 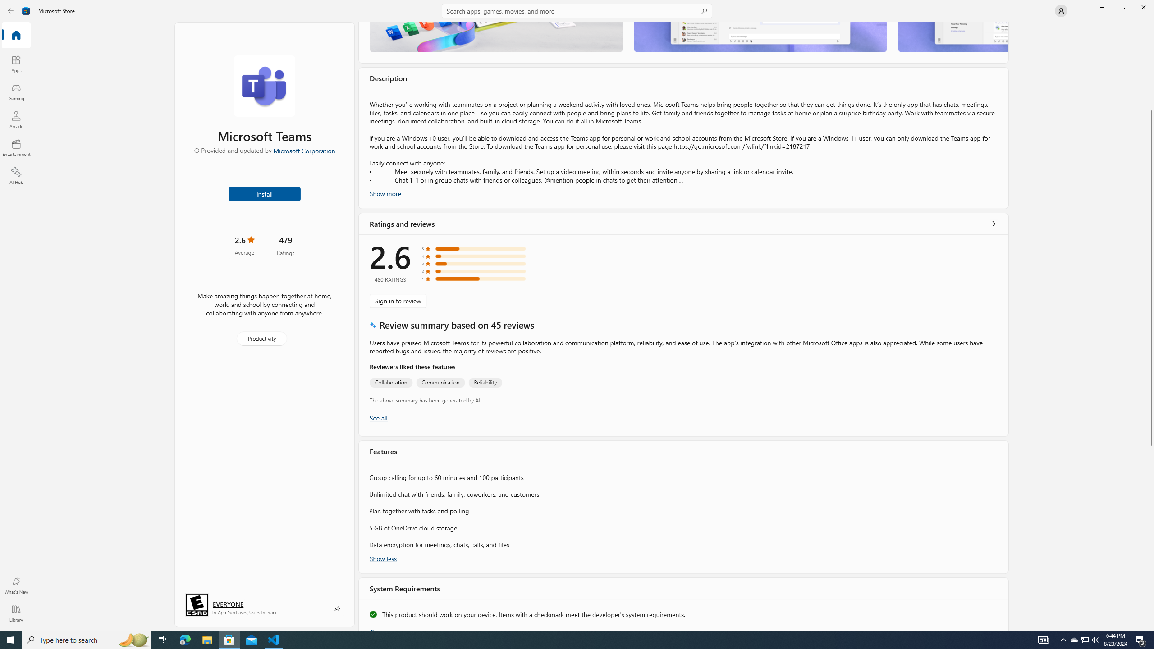 What do you see at coordinates (1143, 7) in the screenshot?
I see `'Close Microsoft Store'` at bounding box center [1143, 7].